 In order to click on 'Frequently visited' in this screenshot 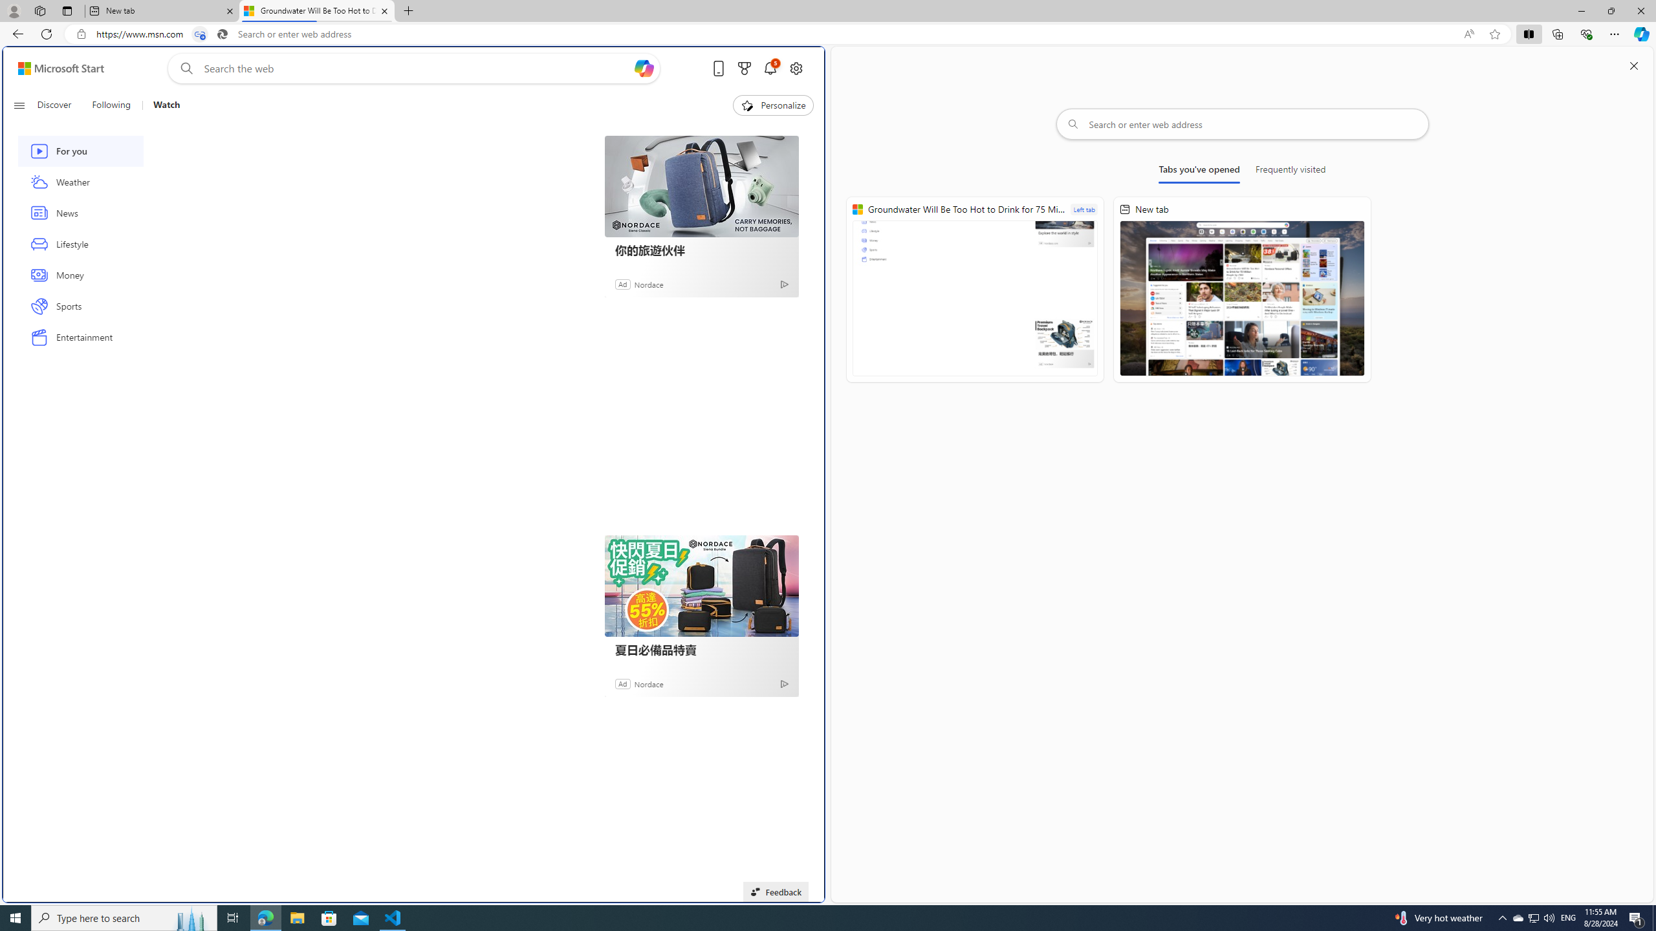, I will do `click(1290, 171)`.